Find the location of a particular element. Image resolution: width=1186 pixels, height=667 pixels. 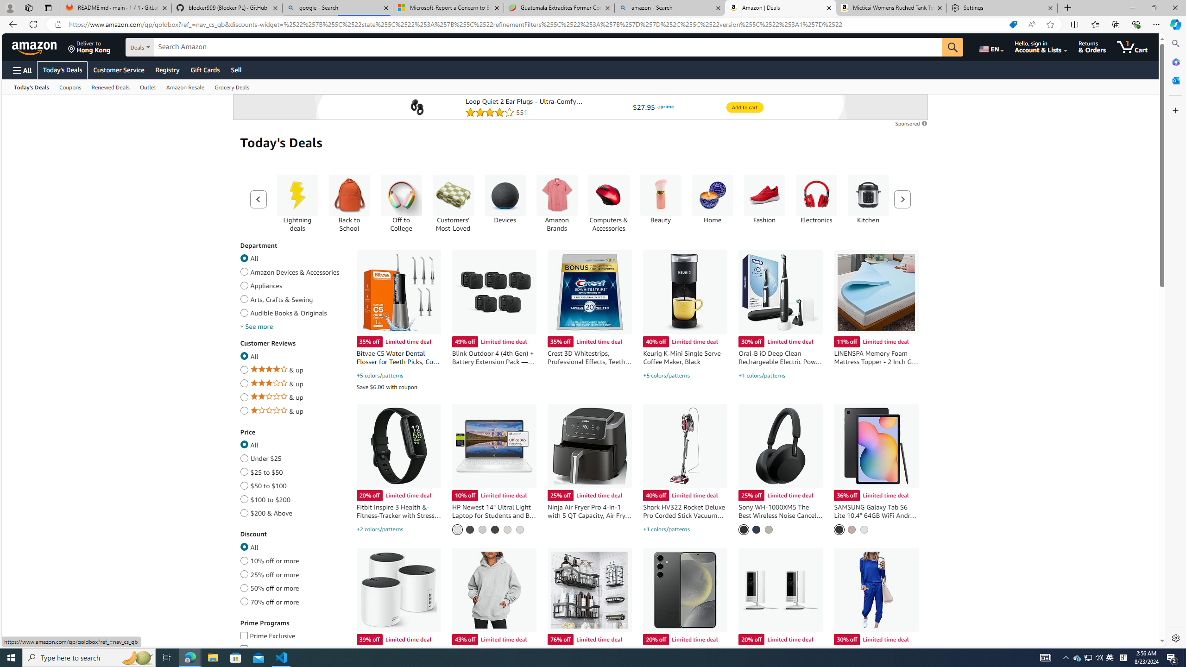

'1 item in cart' is located at coordinates (1131, 46).